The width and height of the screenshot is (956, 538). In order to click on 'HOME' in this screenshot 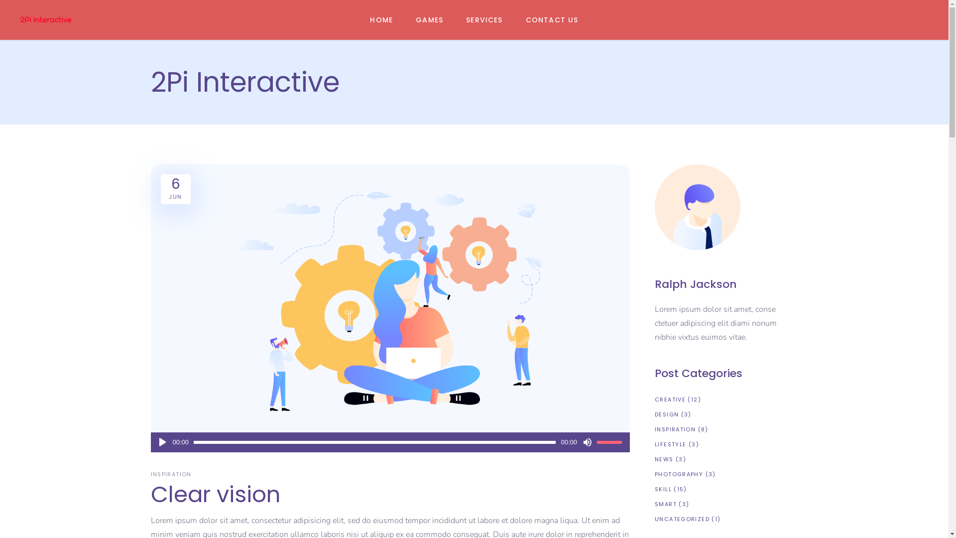, I will do `click(381, 19)`.